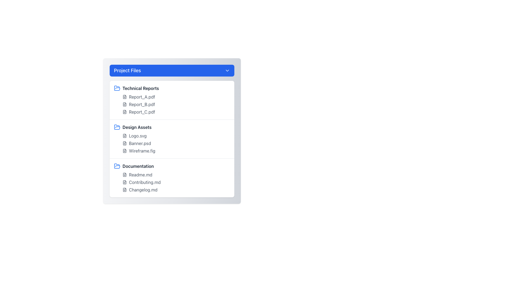  Describe the element at coordinates (124, 182) in the screenshot. I see `the icon representing the file 'Contributing.md', which is the first icon in the 'Documentation' section, positioned to the left of the text label` at that location.